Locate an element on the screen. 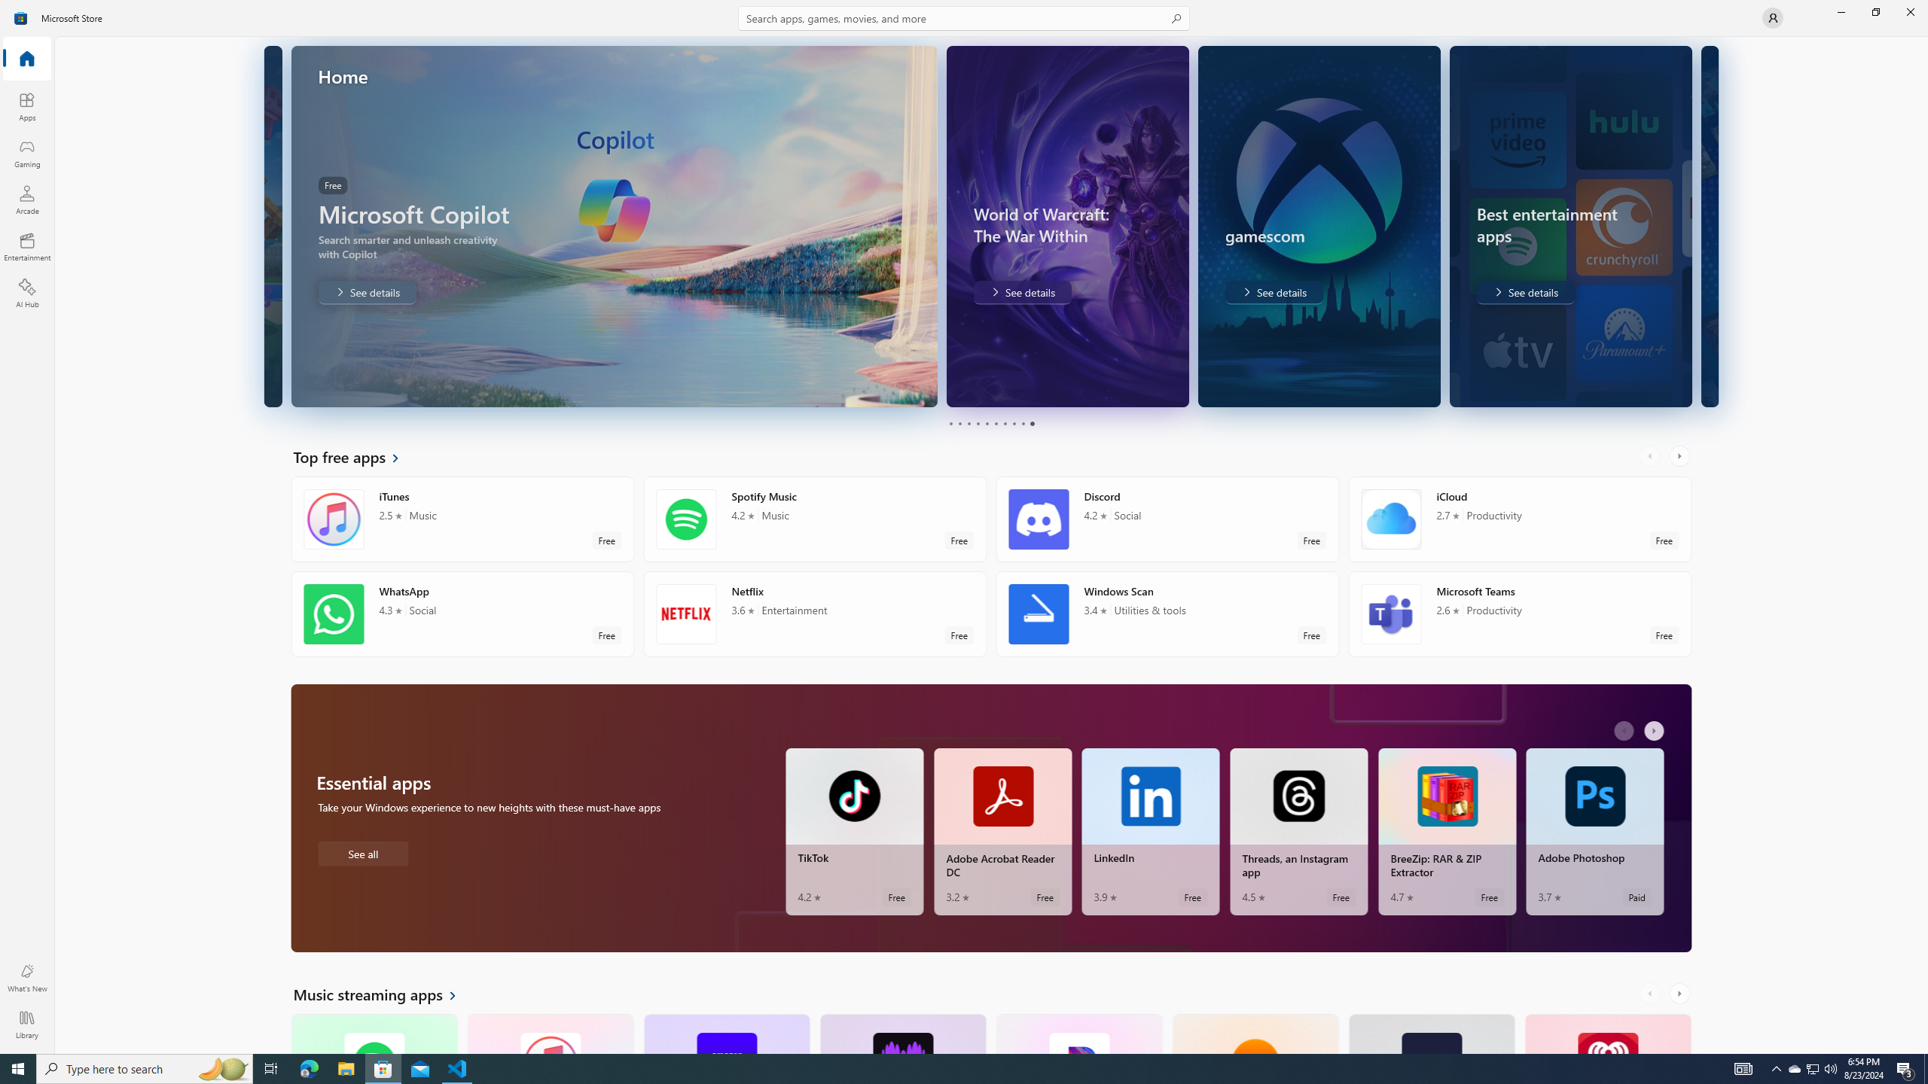 The image size is (1928, 1084). 'Pager' is located at coordinates (991, 423).